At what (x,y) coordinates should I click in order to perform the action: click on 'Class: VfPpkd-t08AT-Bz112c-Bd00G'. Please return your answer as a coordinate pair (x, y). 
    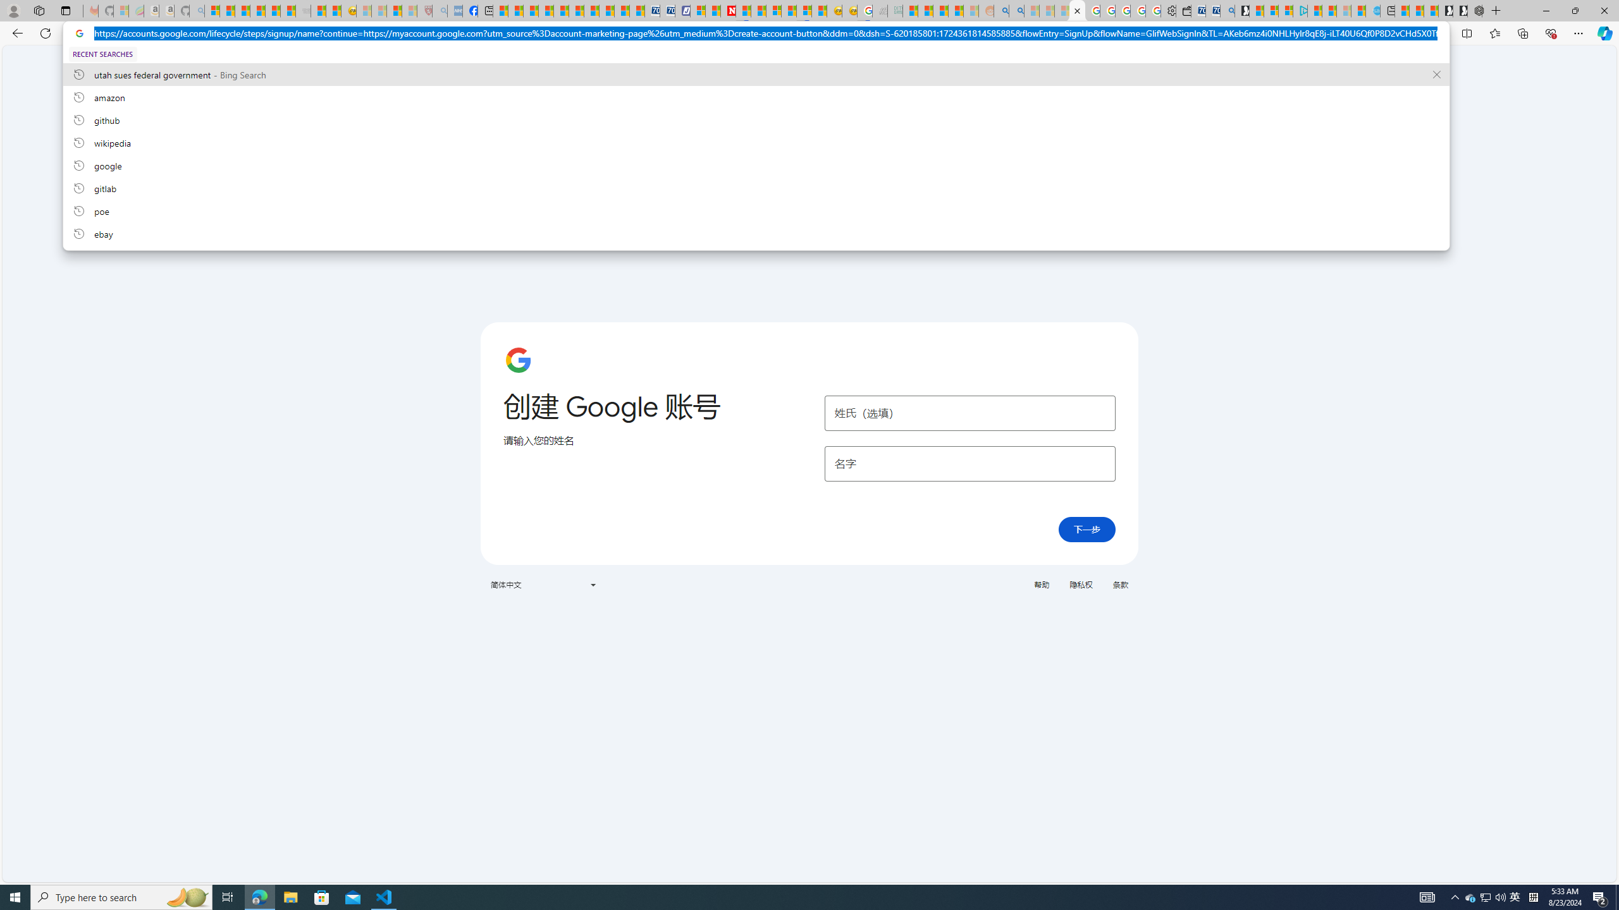
    Looking at the image, I should click on (591, 584).